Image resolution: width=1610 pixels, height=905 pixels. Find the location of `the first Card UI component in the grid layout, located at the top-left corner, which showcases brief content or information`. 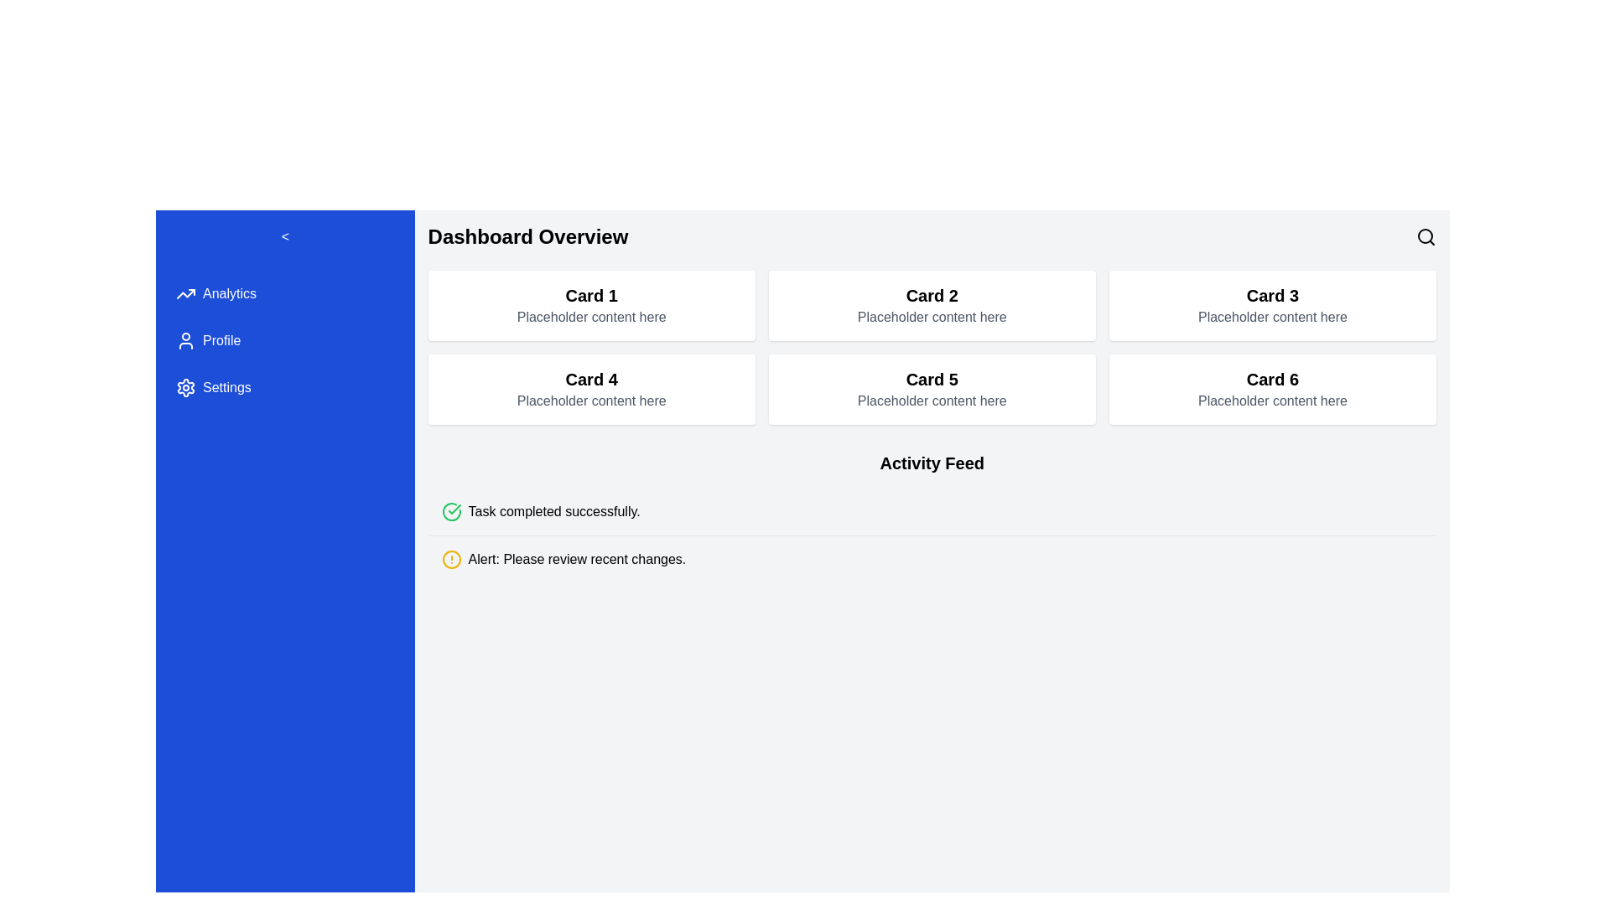

the first Card UI component in the grid layout, located at the top-left corner, which showcases brief content or information is located at coordinates (591, 306).